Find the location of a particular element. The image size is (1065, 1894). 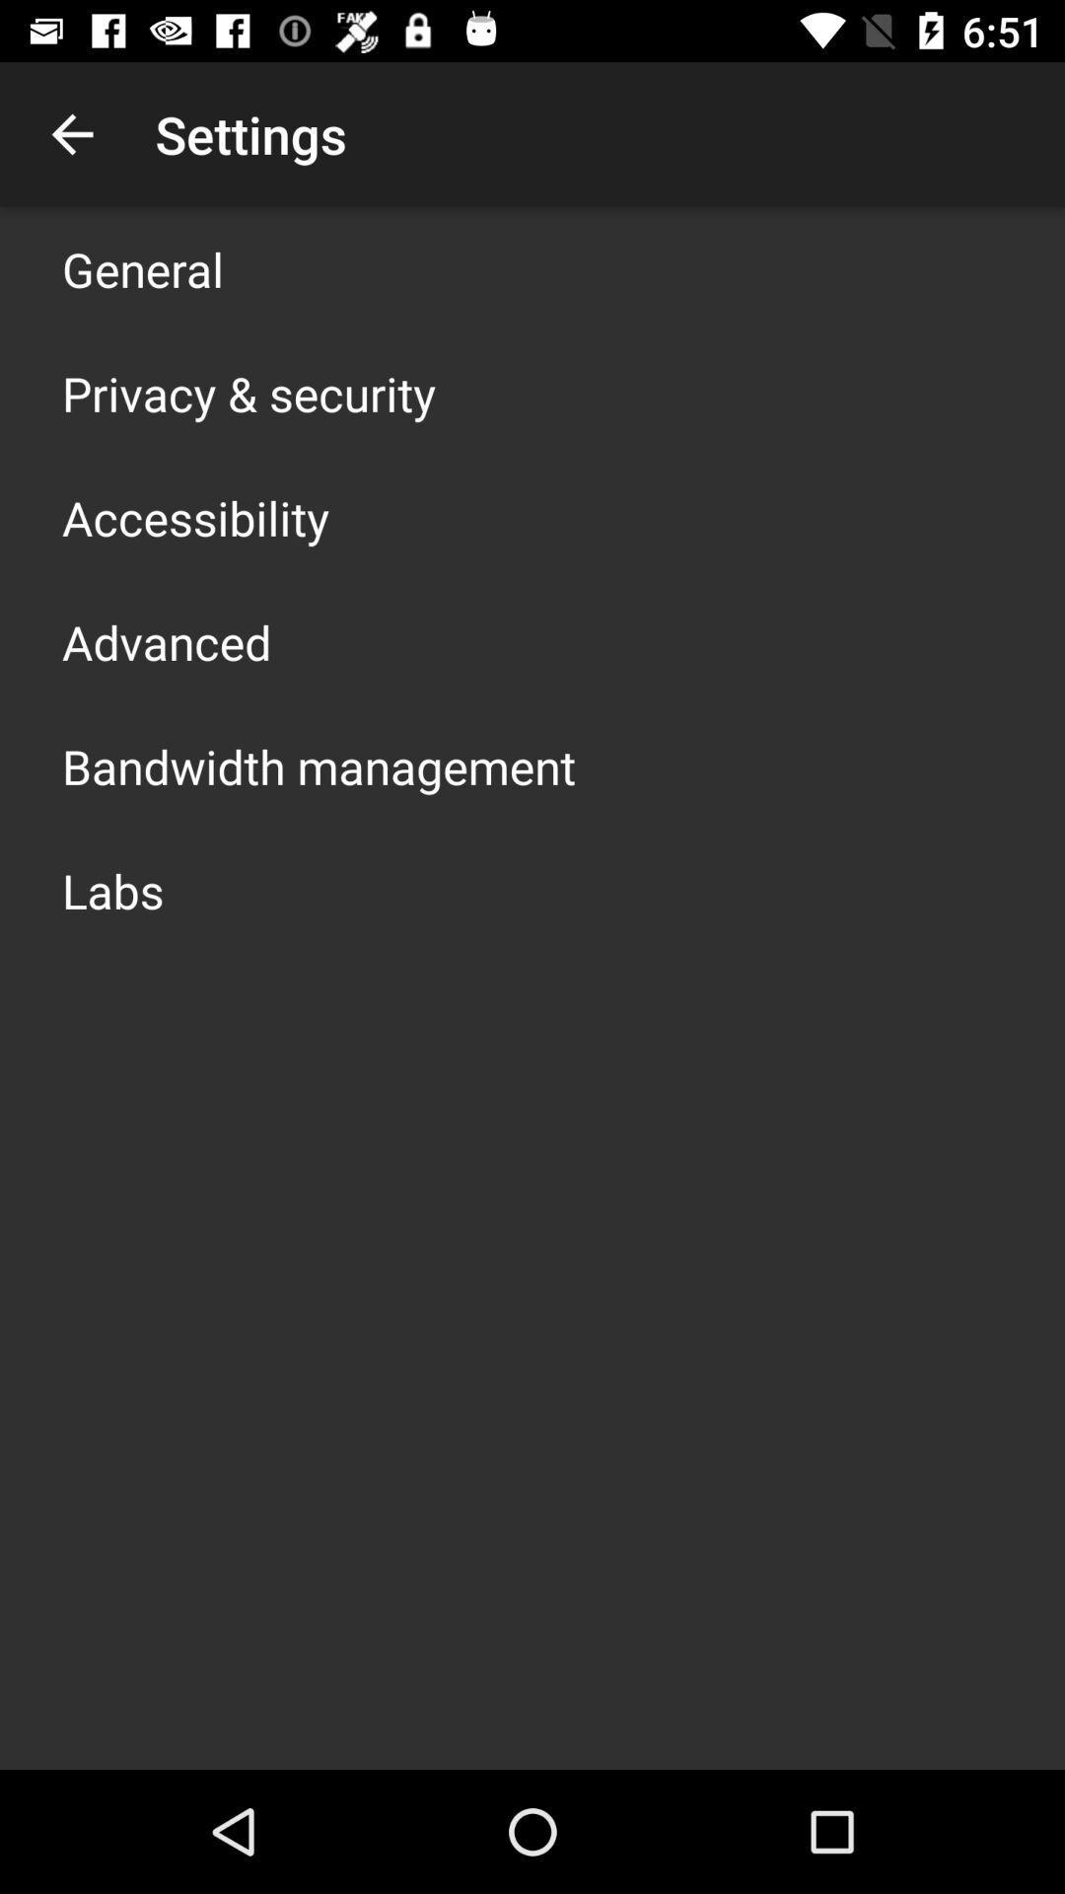

the bandwidth management app is located at coordinates (318, 765).